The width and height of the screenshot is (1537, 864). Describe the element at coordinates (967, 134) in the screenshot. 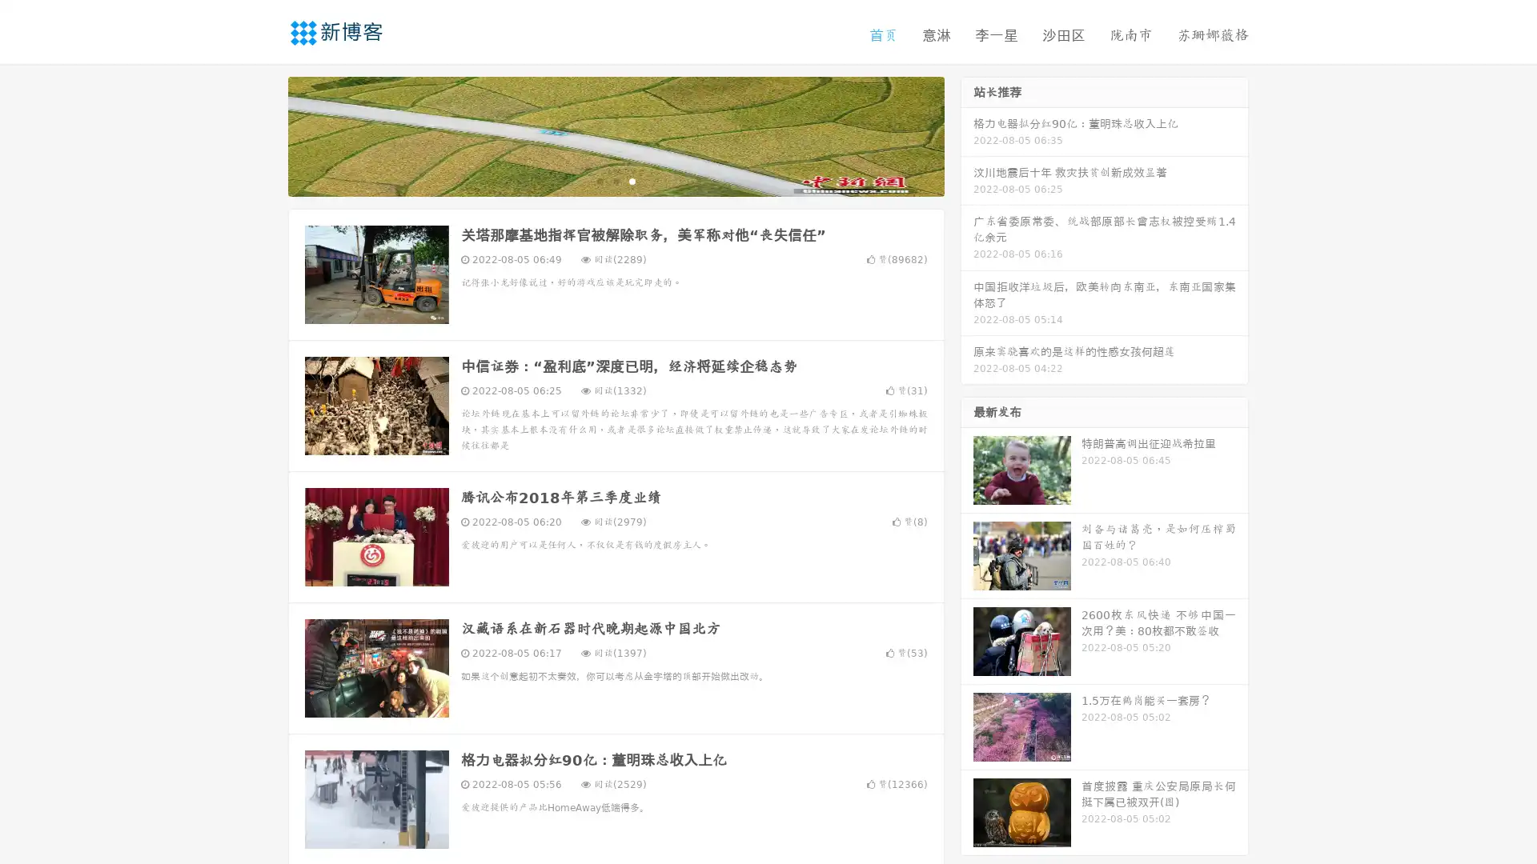

I see `Next slide` at that location.